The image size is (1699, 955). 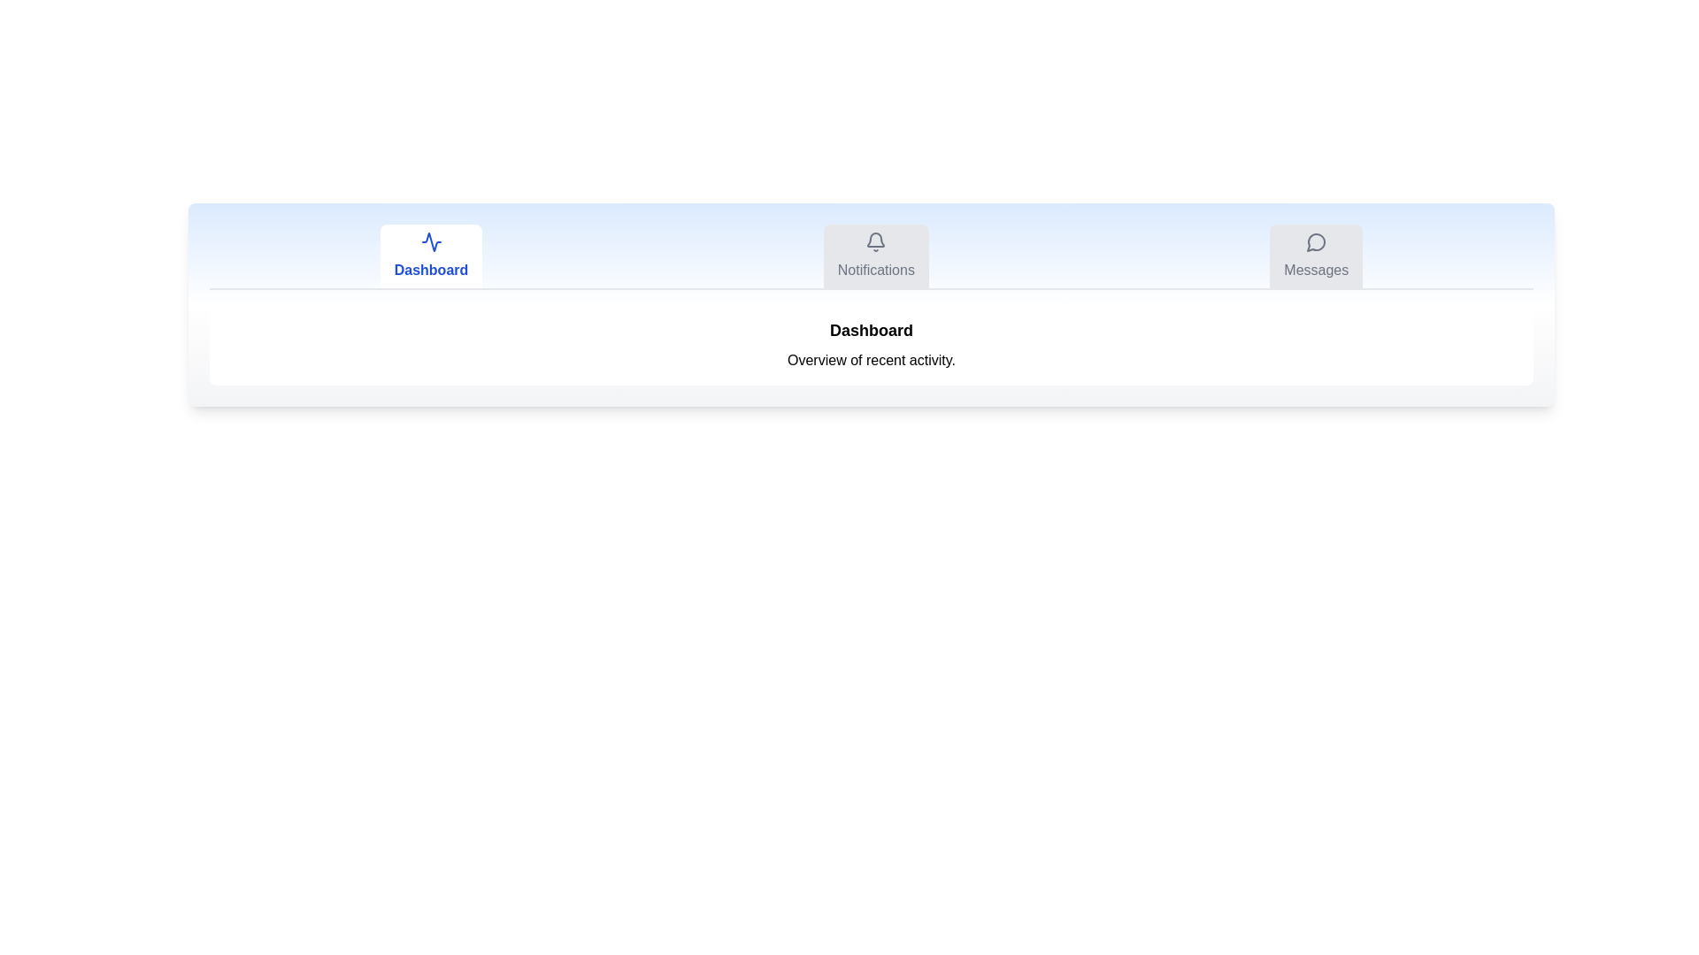 What do you see at coordinates (431, 256) in the screenshot?
I see `the tab labeled Dashboard to observe visual feedback` at bounding box center [431, 256].